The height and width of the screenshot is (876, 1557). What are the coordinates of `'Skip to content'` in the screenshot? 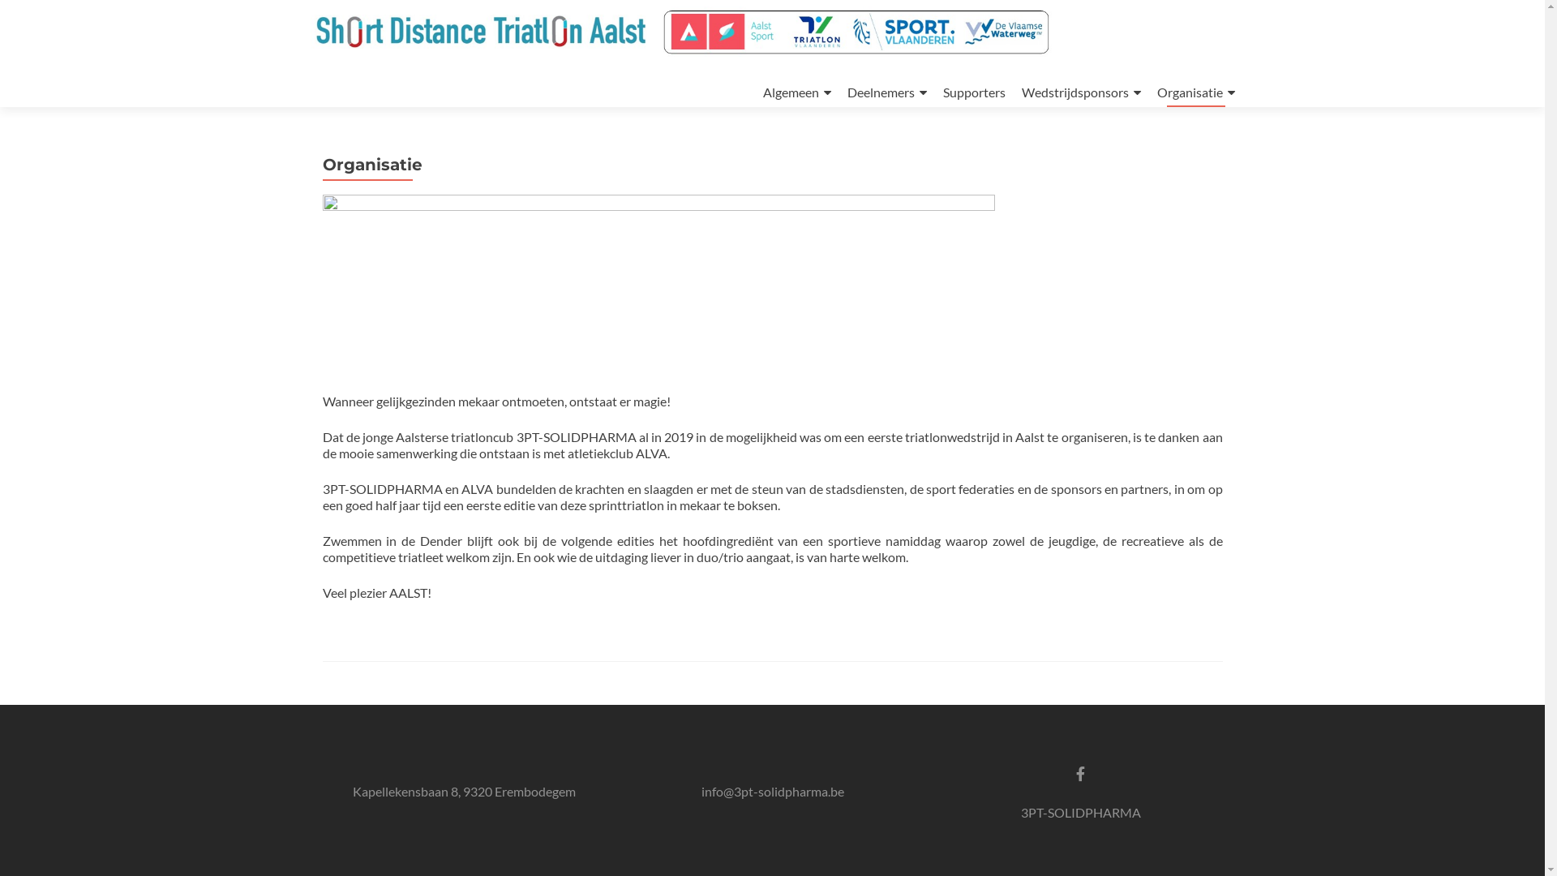 It's located at (761, 60).